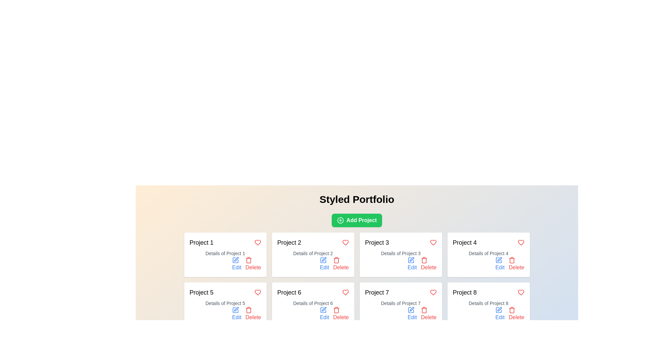 The width and height of the screenshot is (648, 364). I want to click on the 'Delete' button with a trash can icon in red text located in the footer section of the card labeled 'Project 7', so click(428, 314).